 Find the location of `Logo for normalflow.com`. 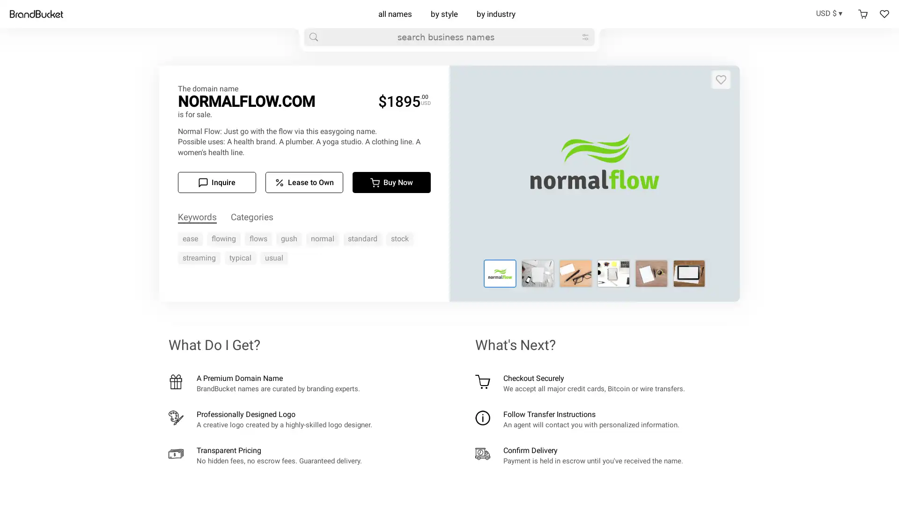

Logo for normalflow.com is located at coordinates (575, 273).